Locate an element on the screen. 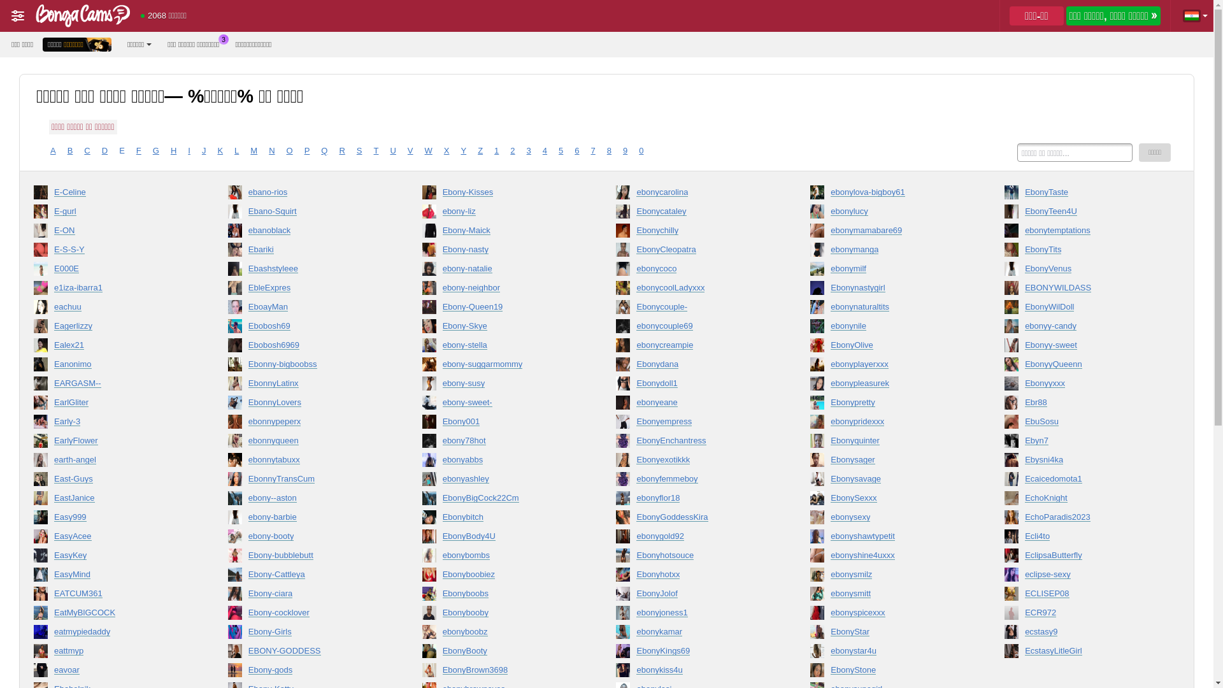 Image resolution: width=1223 pixels, height=688 pixels. 'ebonycreampie' is located at coordinates (694, 348).